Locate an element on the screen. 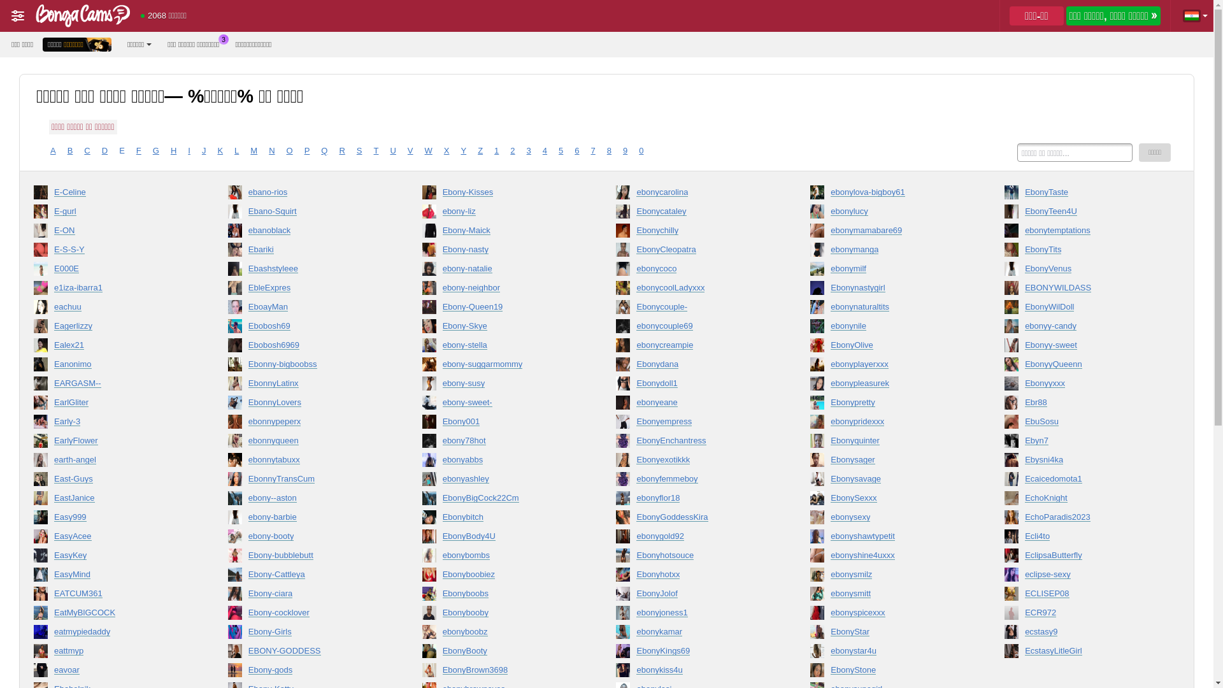 Image resolution: width=1223 pixels, height=688 pixels. 'ebonycreampie' is located at coordinates (694, 348).